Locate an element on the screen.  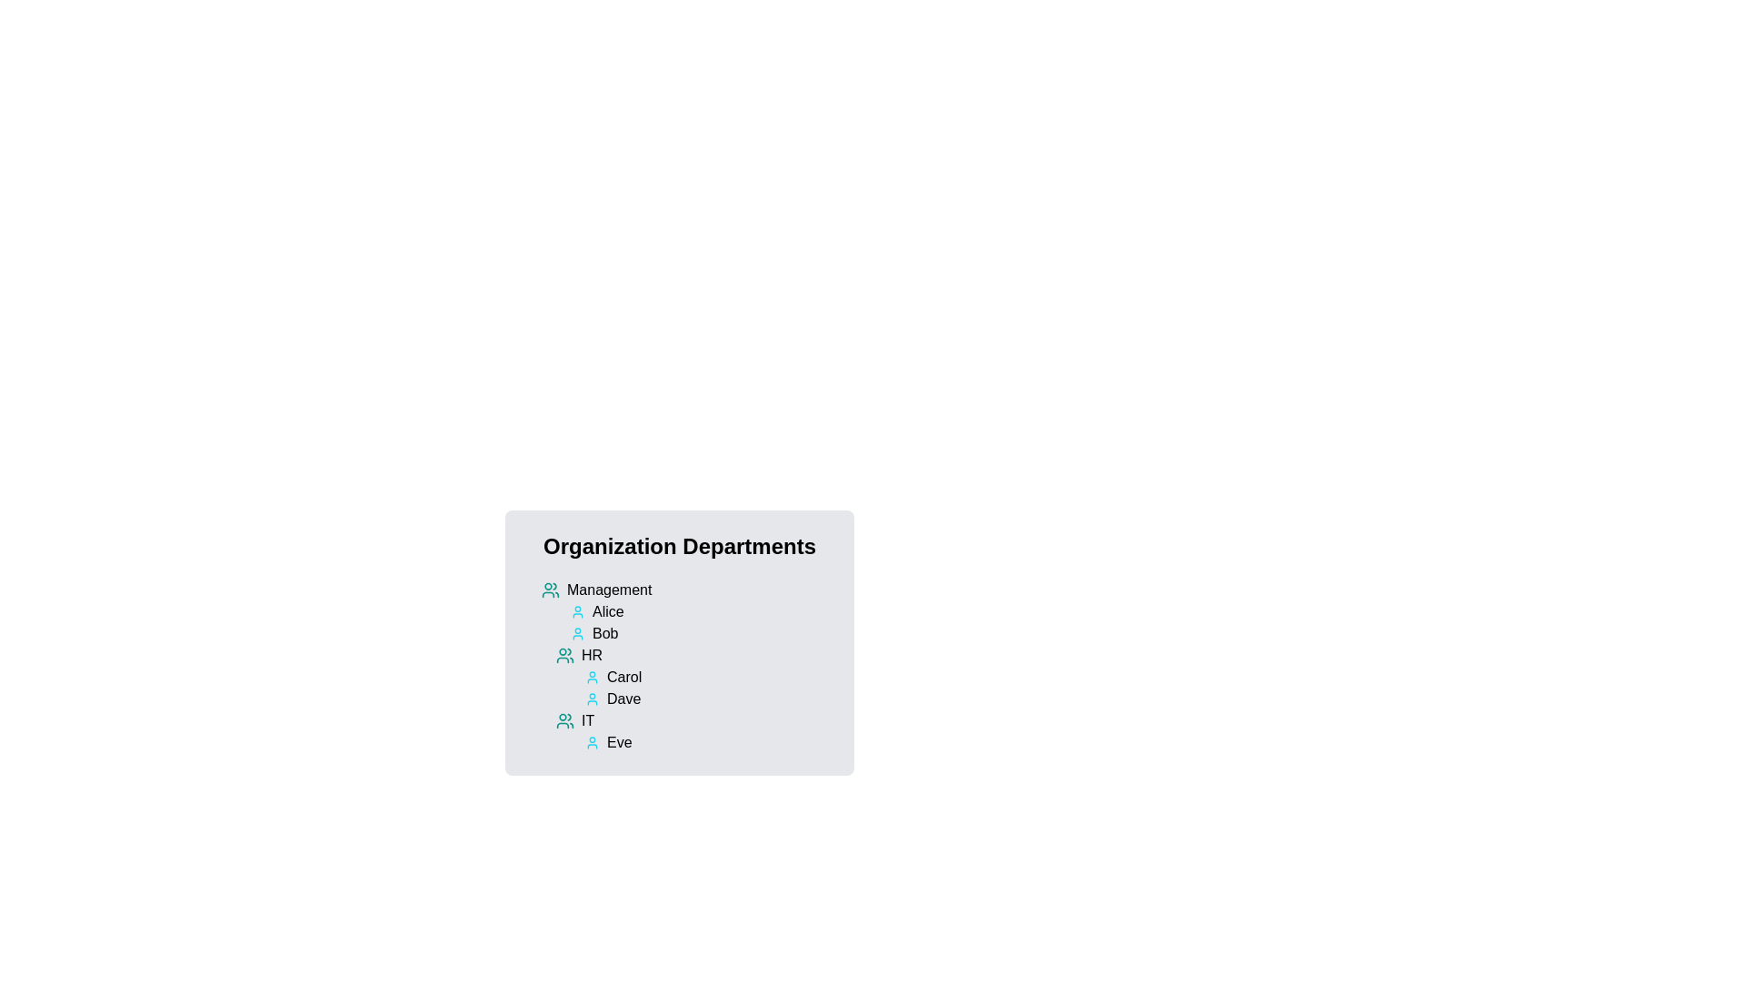
the user icon representing the IT department, located to the left of the text 'Eve' in the 'Organization Departments' section is located at coordinates (593, 742).